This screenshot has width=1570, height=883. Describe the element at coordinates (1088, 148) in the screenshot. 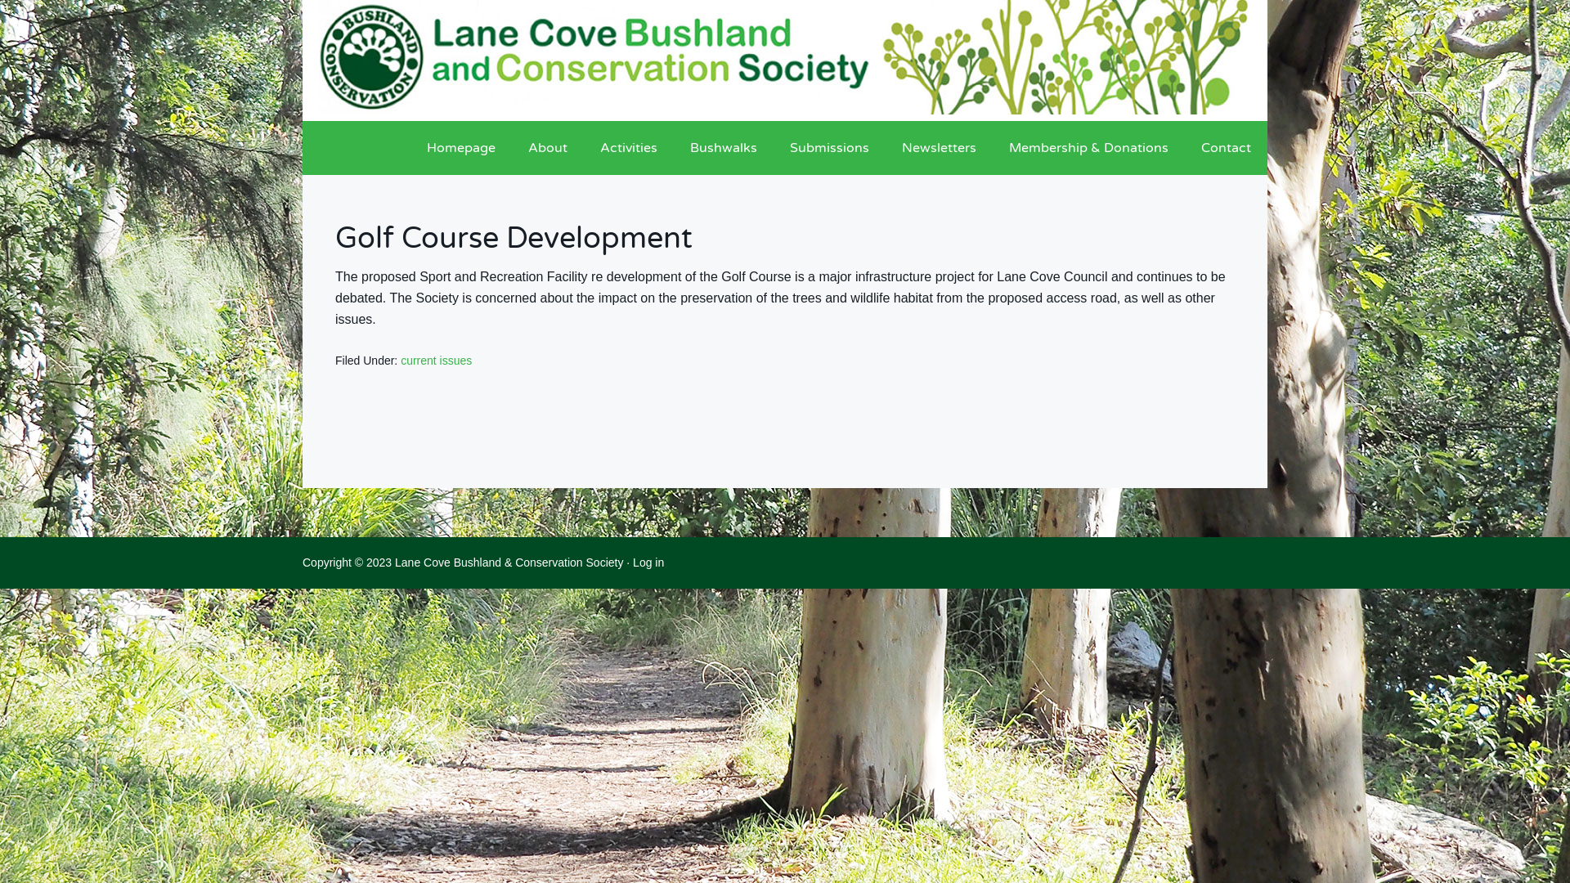

I see `'Membership & Donations'` at that location.